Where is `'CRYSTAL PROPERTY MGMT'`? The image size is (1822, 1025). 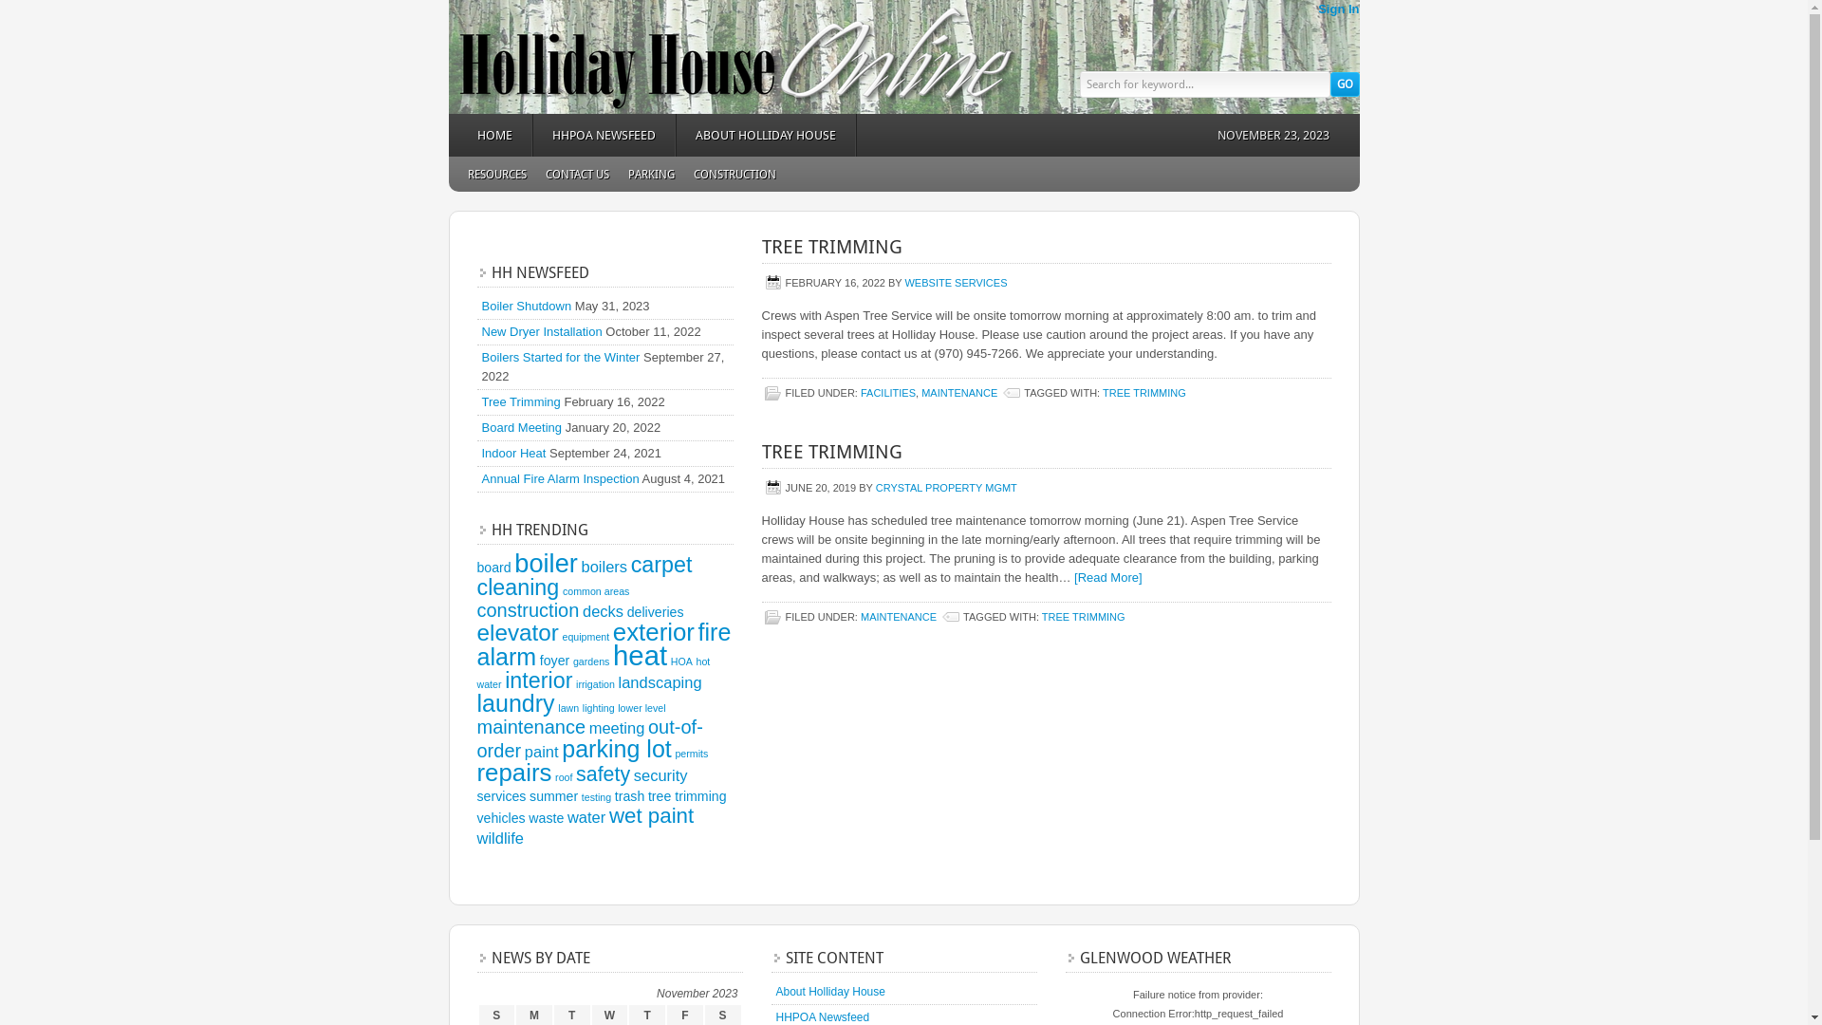
'CRYSTAL PROPERTY MGMT' is located at coordinates (946, 486).